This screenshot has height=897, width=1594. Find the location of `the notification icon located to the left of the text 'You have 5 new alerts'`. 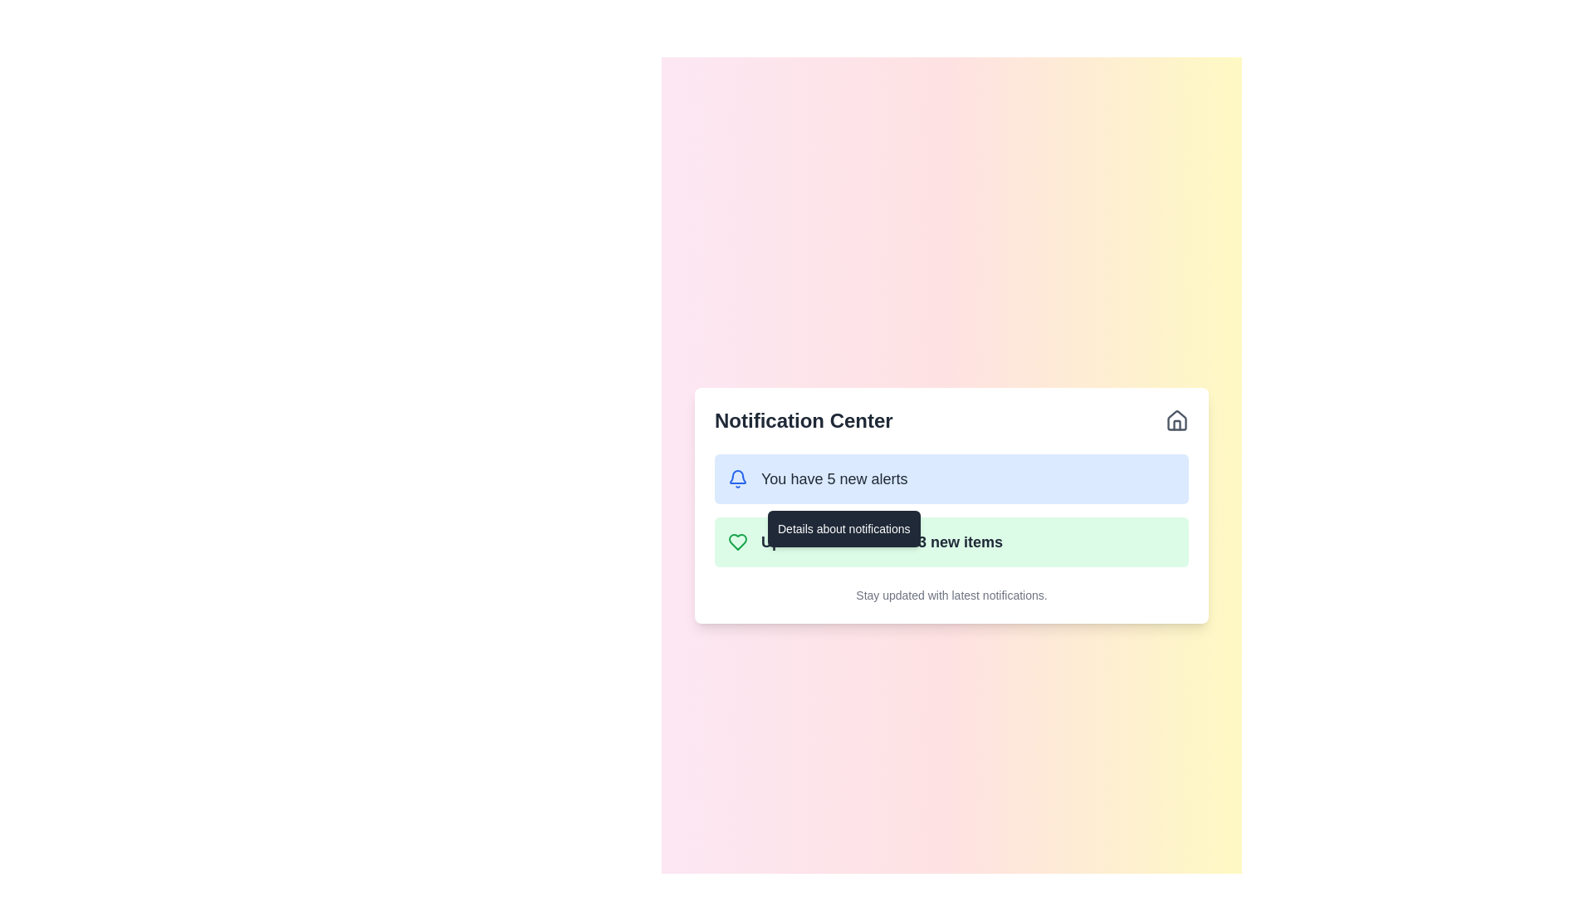

the notification icon located to the left of the text 'You have 5 new alerts' is located at coordinates (736, 479).